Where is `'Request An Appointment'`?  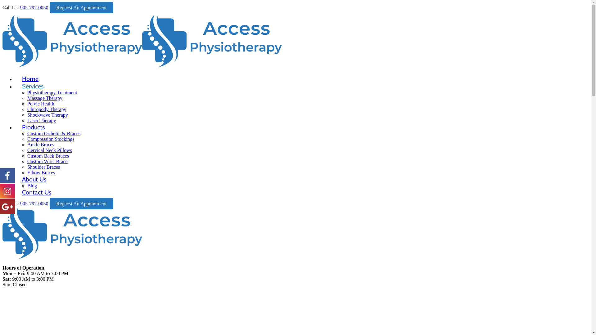 'Request An Appointment' is located at coordinates (81, 7).